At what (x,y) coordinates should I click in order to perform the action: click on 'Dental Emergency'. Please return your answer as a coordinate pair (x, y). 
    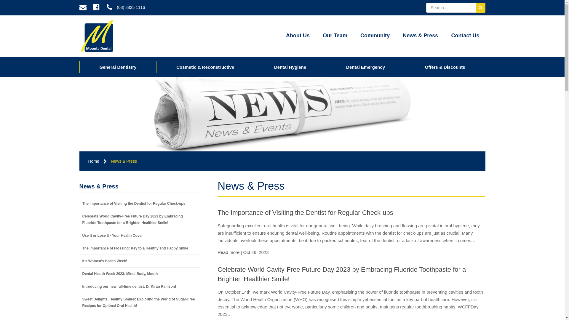
    Looking at the image, I should click on (326, 67).